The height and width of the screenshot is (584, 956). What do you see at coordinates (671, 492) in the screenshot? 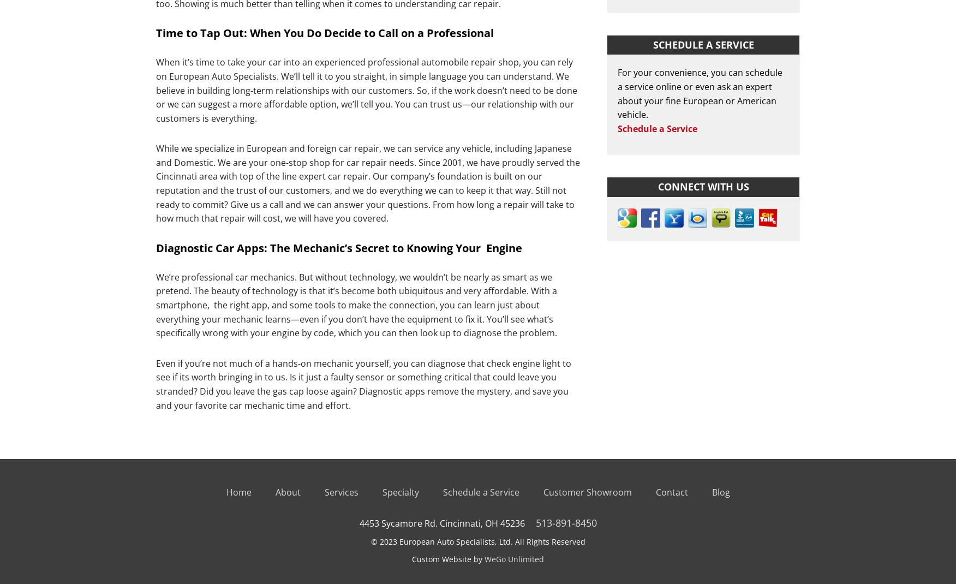
I see `'Contact'` at bounding box center [671, 492].